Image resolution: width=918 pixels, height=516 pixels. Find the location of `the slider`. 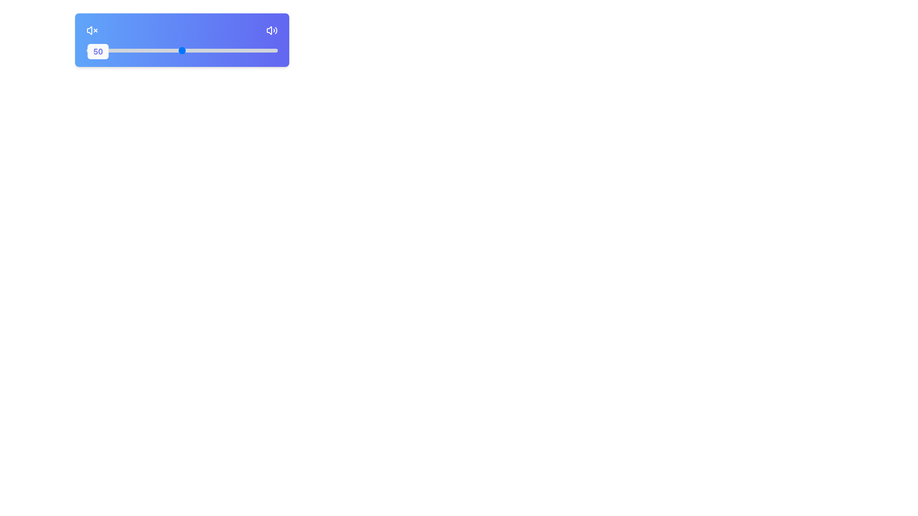

the slider is located at coordinates (262, 50).